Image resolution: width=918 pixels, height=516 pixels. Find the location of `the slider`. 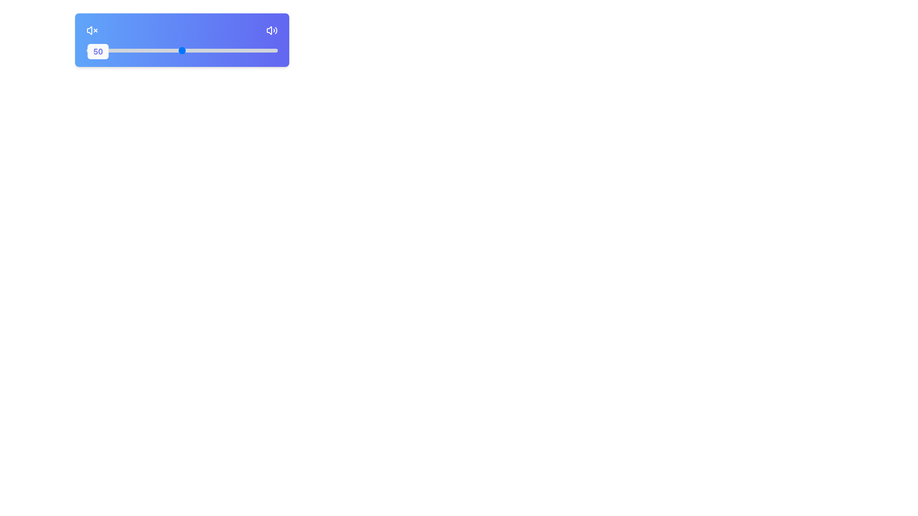

the slider is located at coordinates (262, 50).